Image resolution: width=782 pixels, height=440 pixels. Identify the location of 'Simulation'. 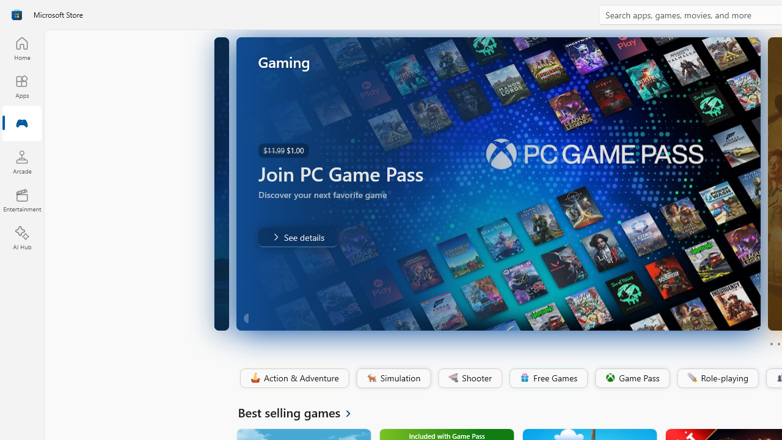
(393, 378).